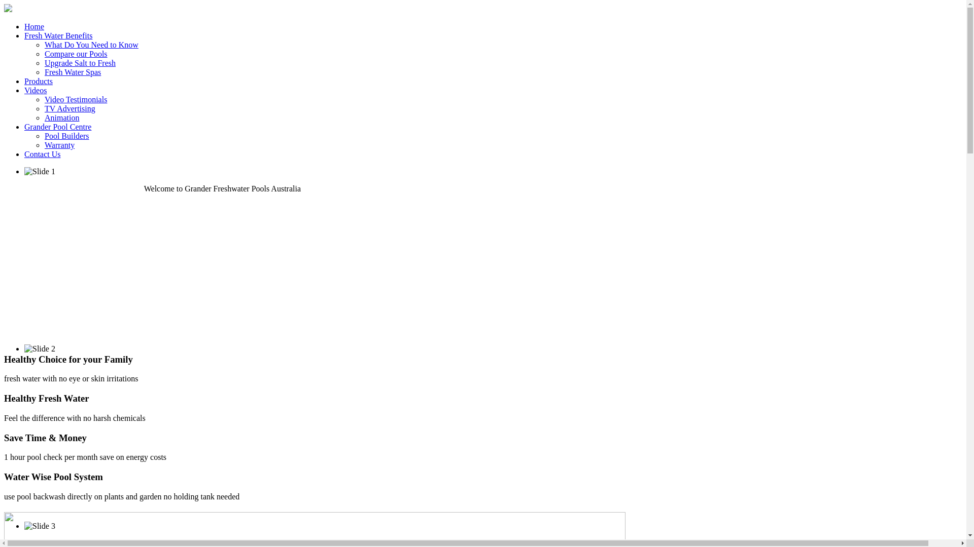 This screenshot has width=974, height=547. I want to click on 'Upgrade Salt to Fresh', so click(80, 63).